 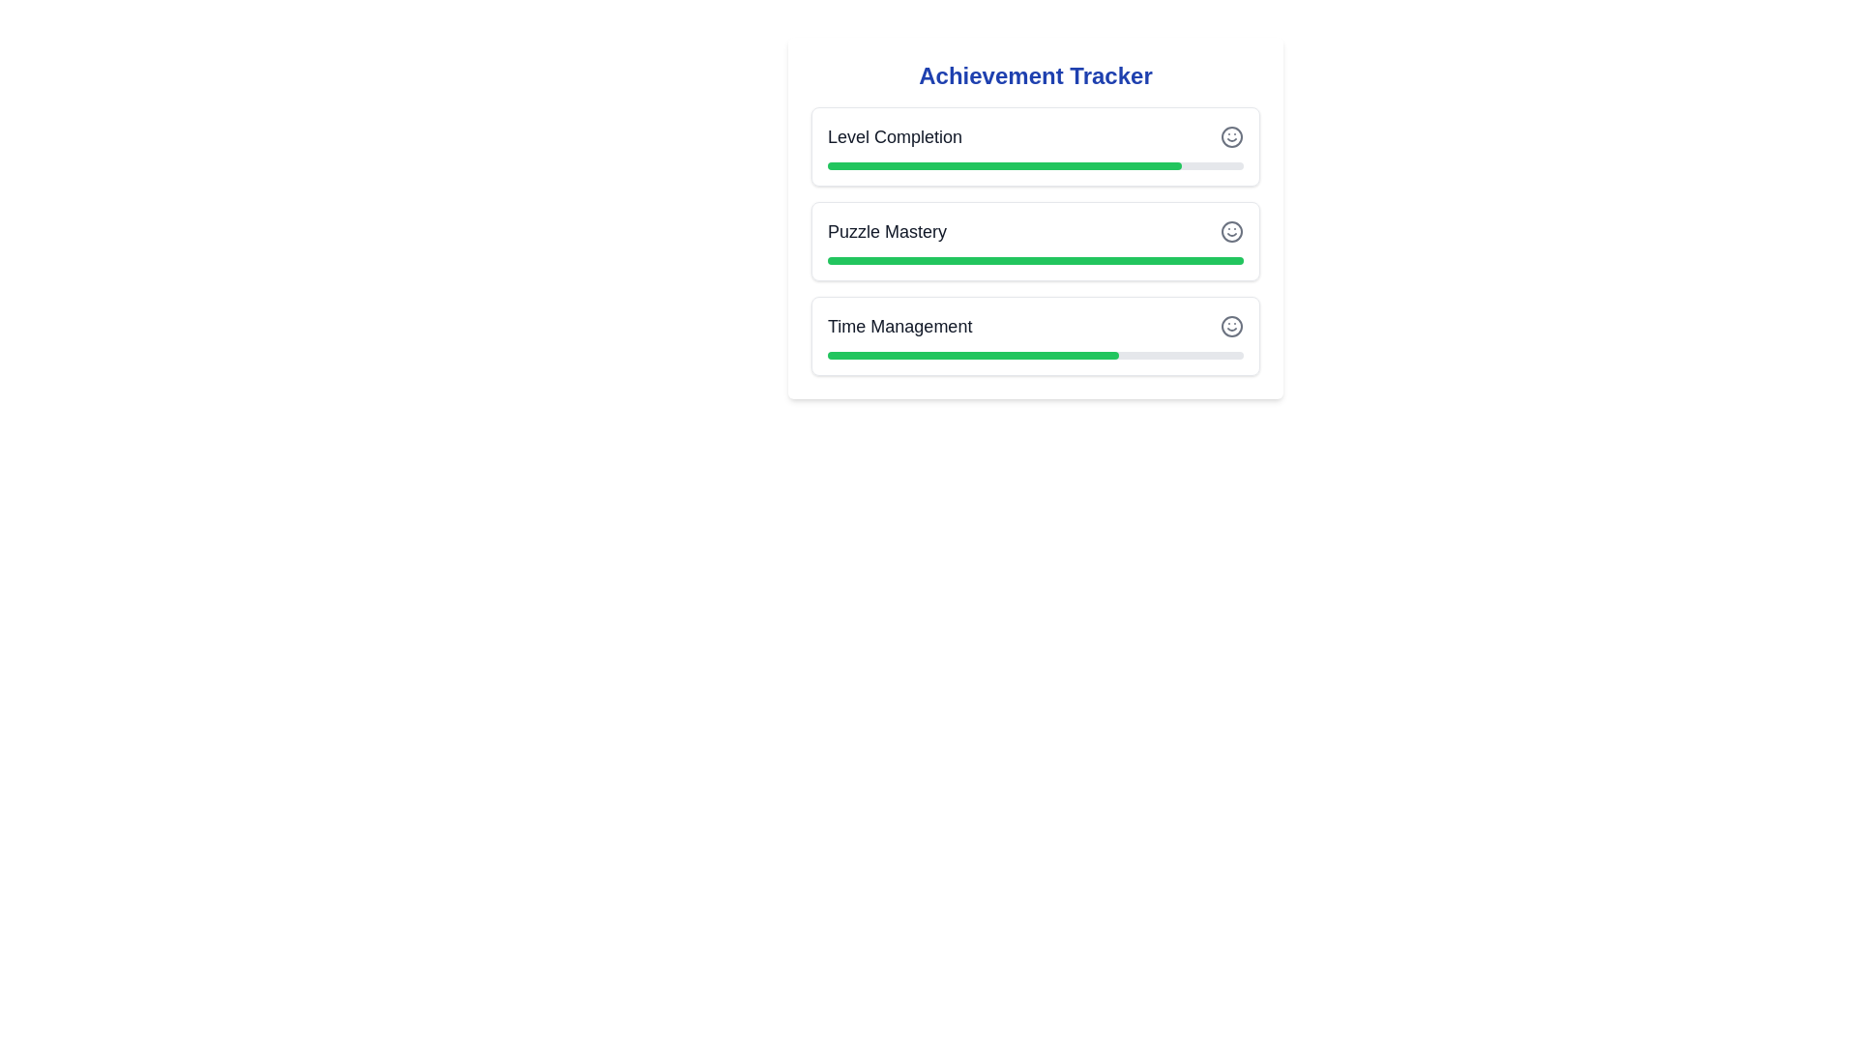 What do you see at coordinates (1230, 136) in the screenshot?
I see `the completion status icon located in the top section of the 'Achievement Tracker' UI, specifically to the far right of the 'Level Completion' row, adjacent to the progress bar` at bounding box center [1230, 136].